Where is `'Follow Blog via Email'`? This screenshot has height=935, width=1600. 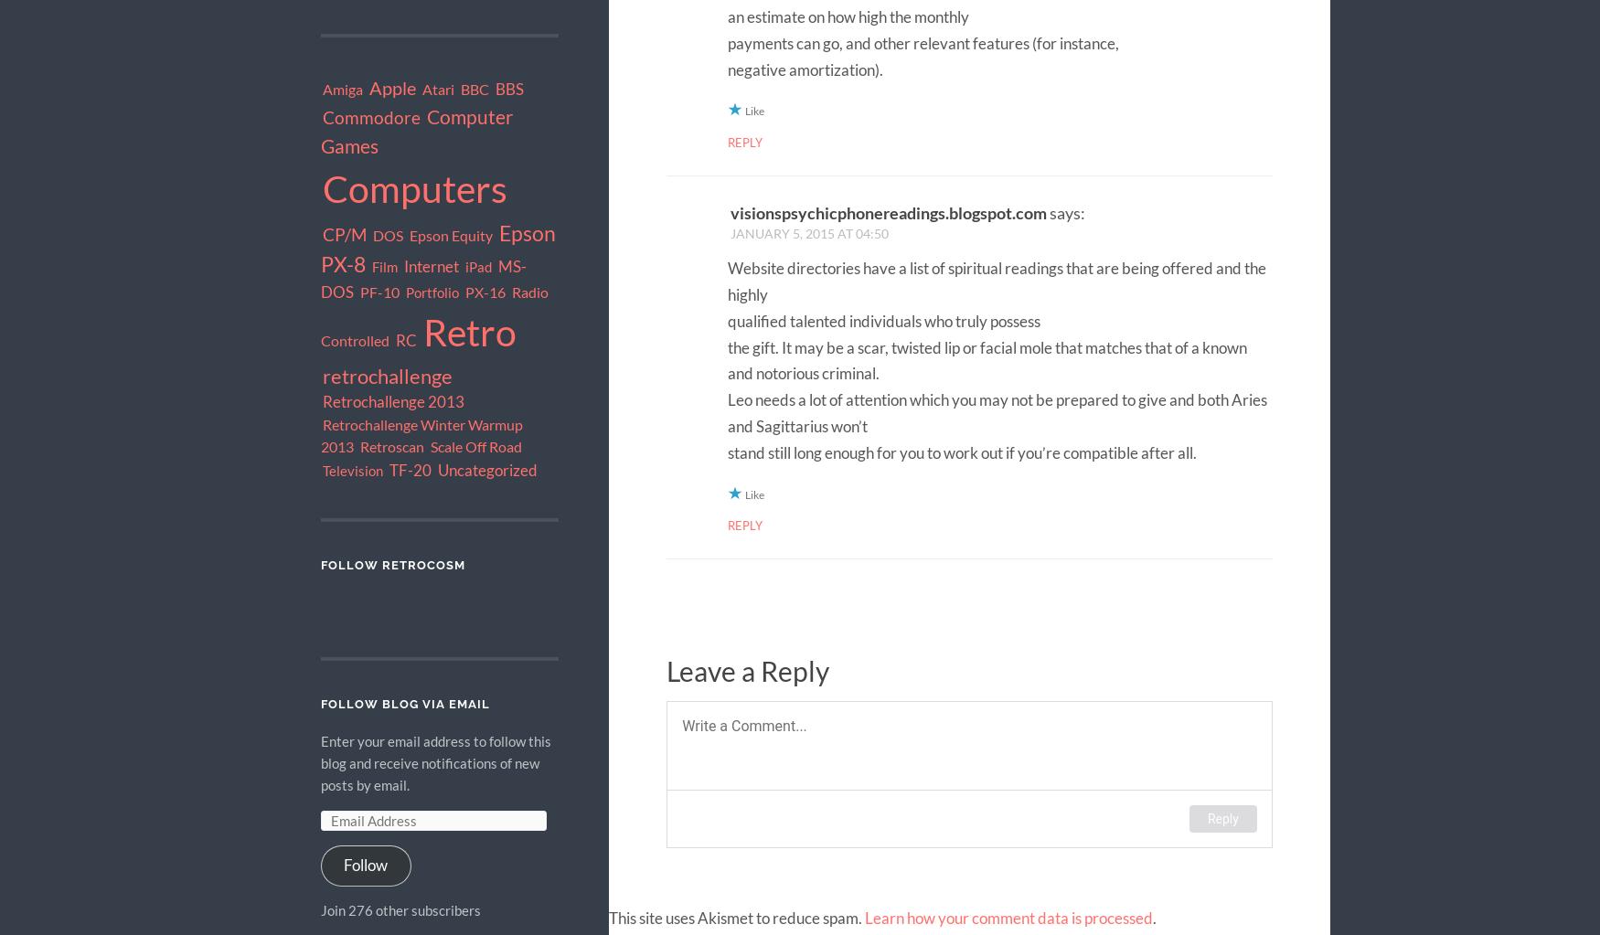 'Follow Blog via Email' is located at coordinates (404, 703).